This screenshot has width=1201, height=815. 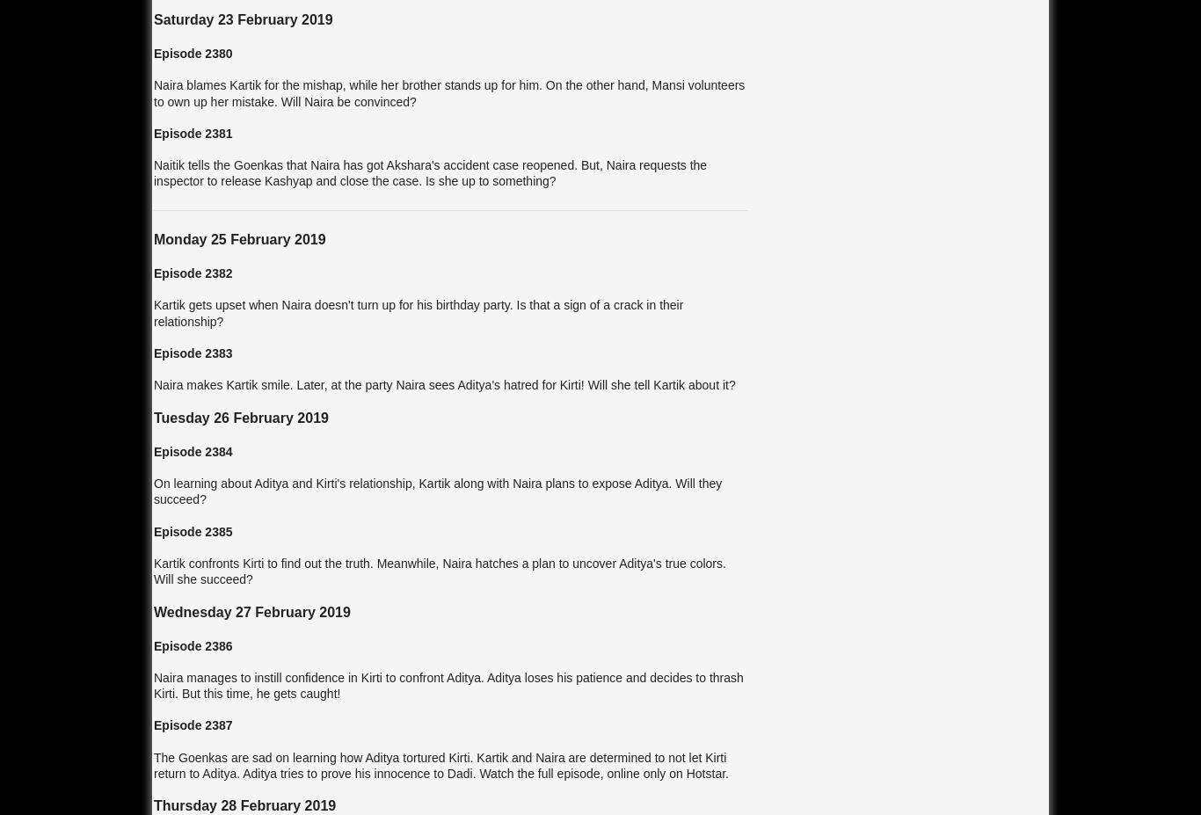 I want to click on 'Kartik gets upset when Naira doesn't turn up for his birthday party. Is that a sign of a crack in their relationship?', so click(x=419, y=311).